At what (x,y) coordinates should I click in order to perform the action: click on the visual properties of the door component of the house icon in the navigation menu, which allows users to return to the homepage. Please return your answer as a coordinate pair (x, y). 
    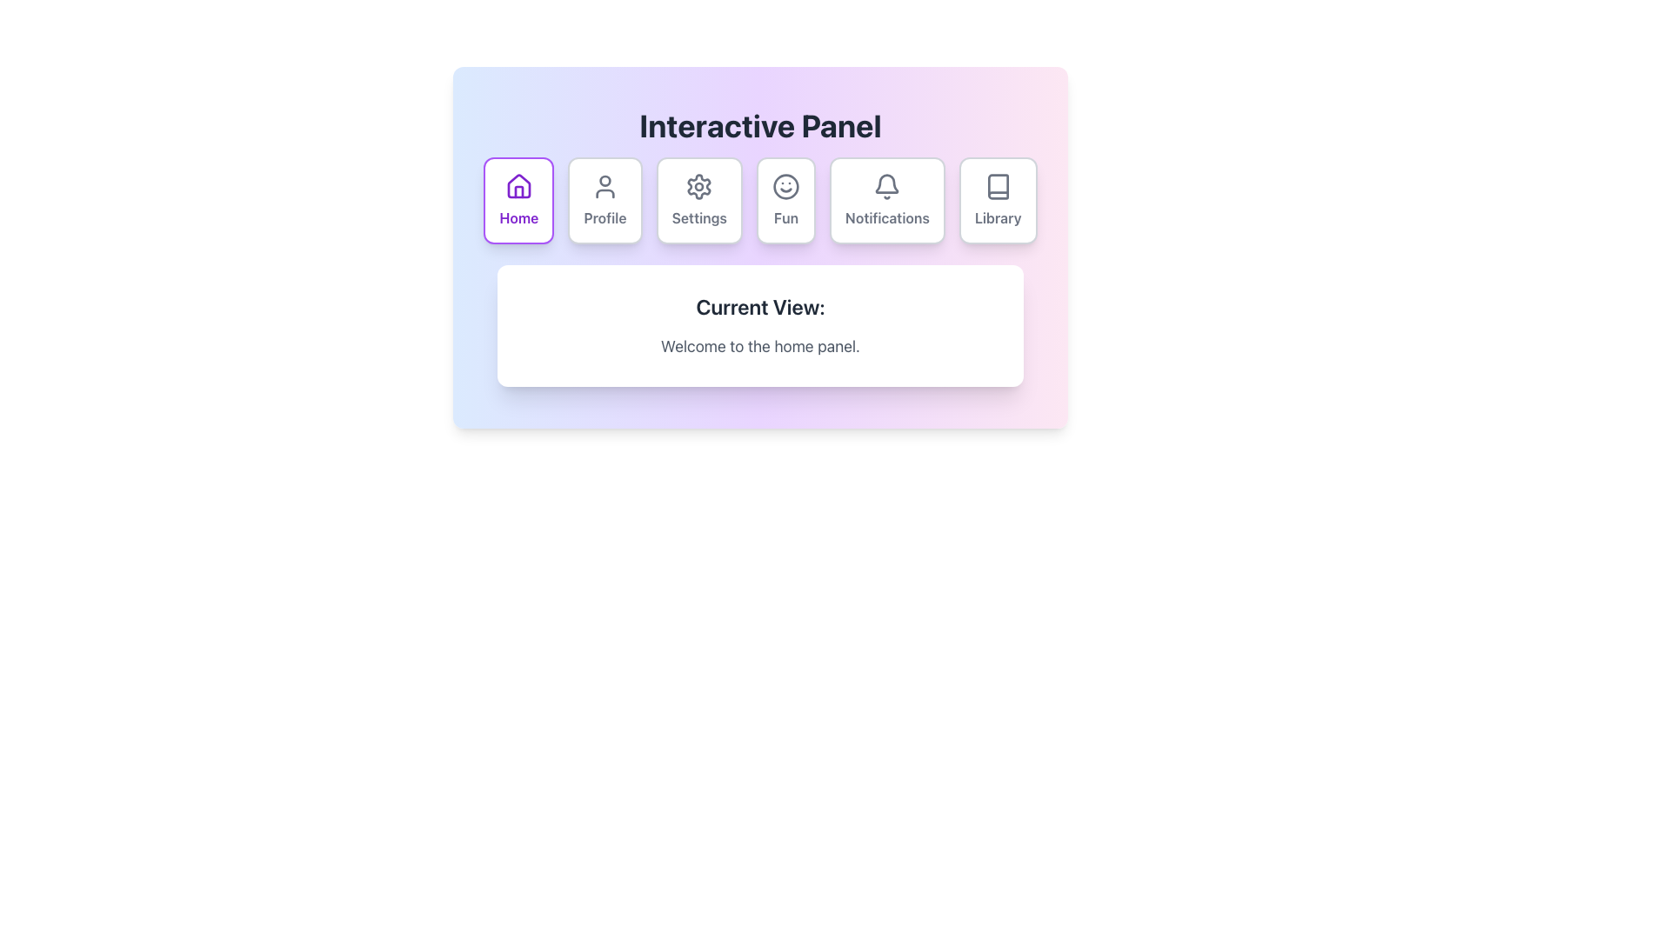
    Looking at the image, I should click on (518, 191).